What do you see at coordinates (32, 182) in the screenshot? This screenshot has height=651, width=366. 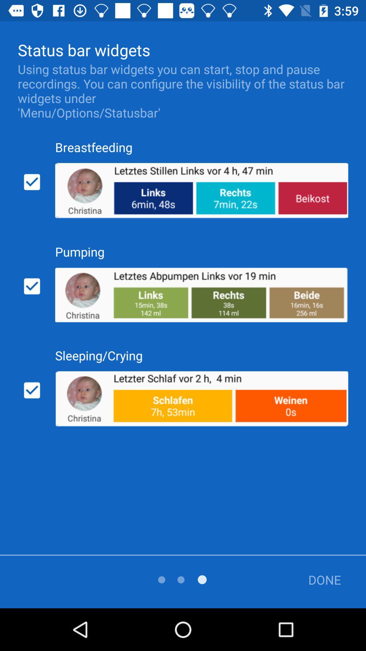 I see `click the checkbox` at bounding box center [32, 182].